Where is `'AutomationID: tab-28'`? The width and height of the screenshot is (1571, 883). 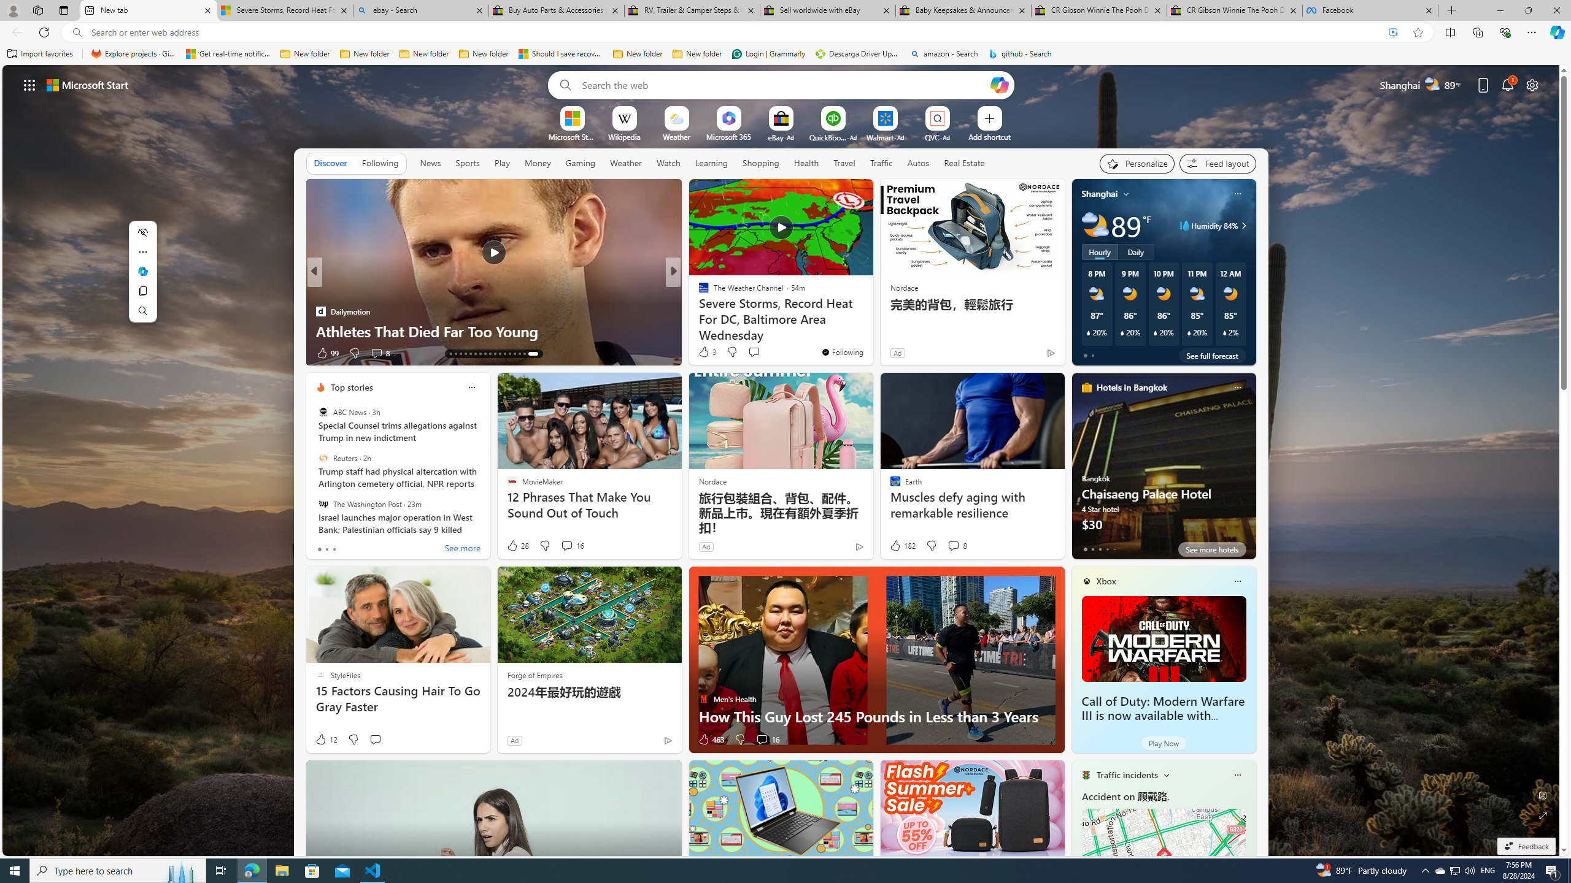
'AutomationID: tab-28' is located at coordinates (531, 354).